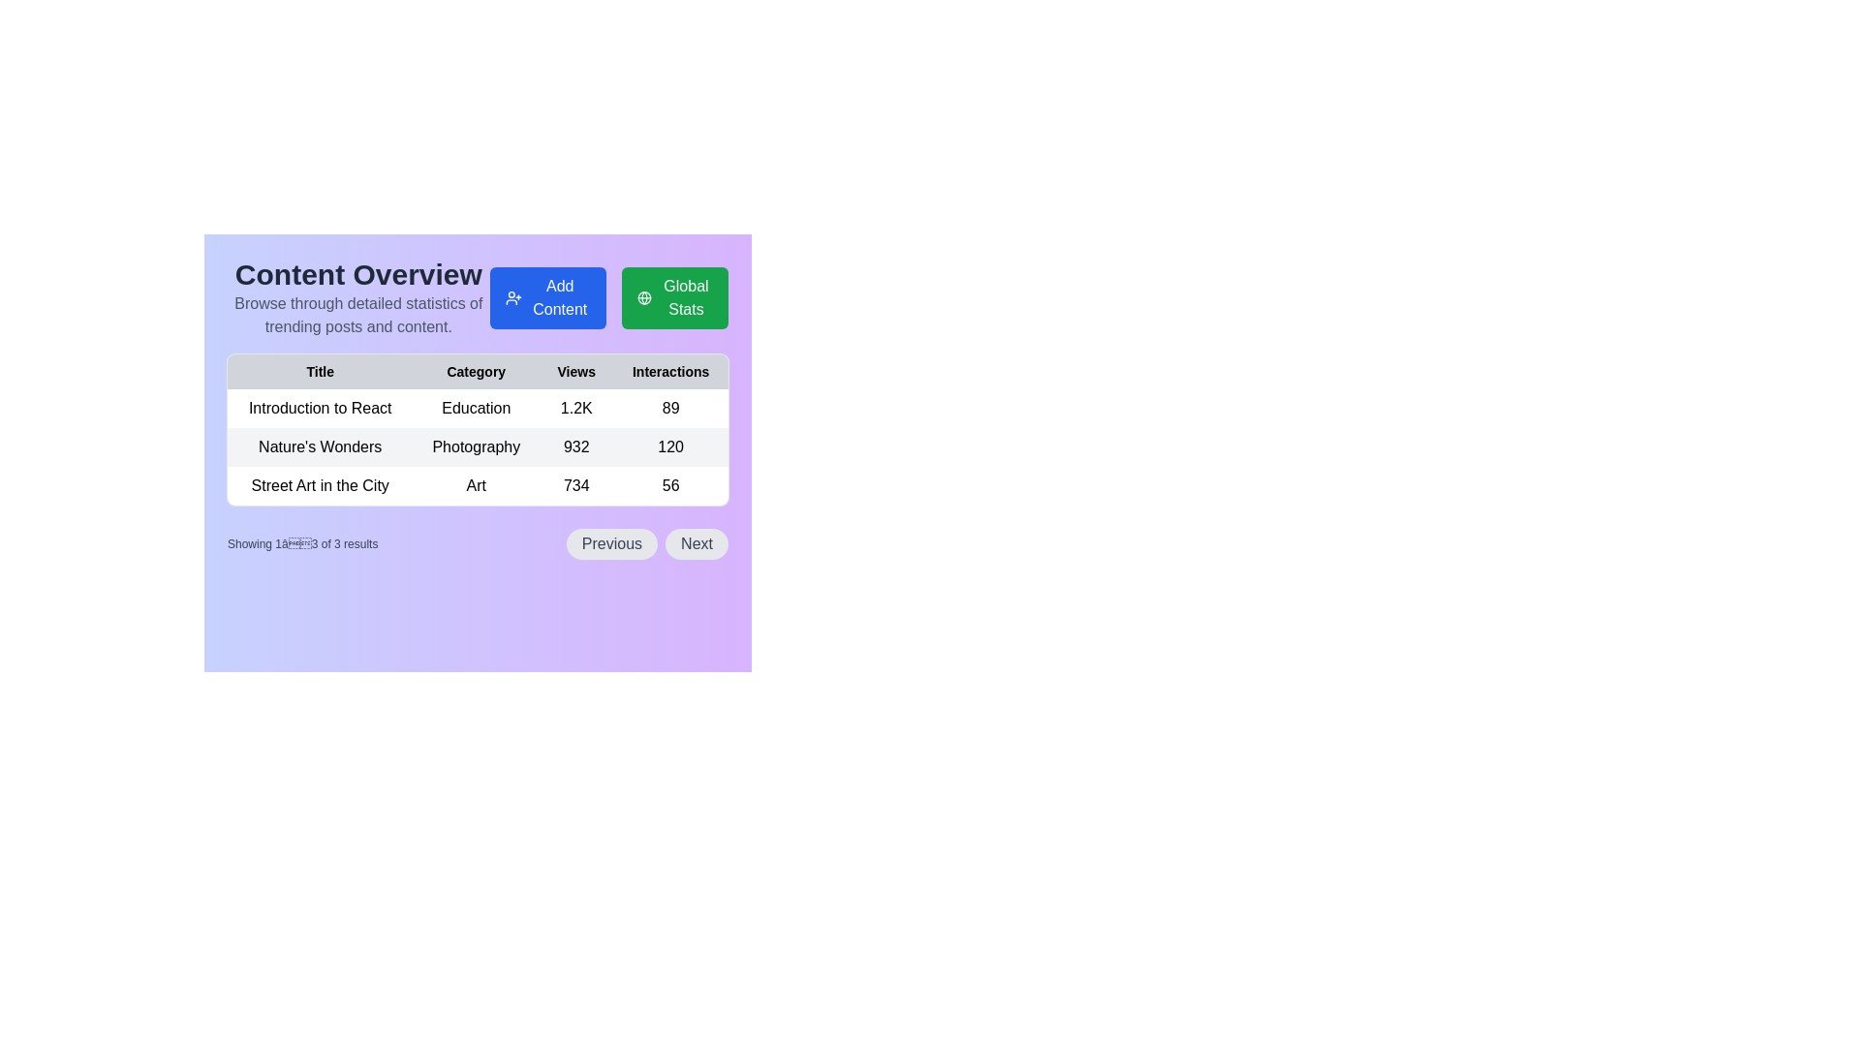 The height and width of the screenshot is (1046, 1860). Describe the element at coordinates (670, 407) in the screenshot. I see `the text cell displaying the number of interactions for the 'Introduction to React' row in the table, located under the 'Interactions' column` at that location.